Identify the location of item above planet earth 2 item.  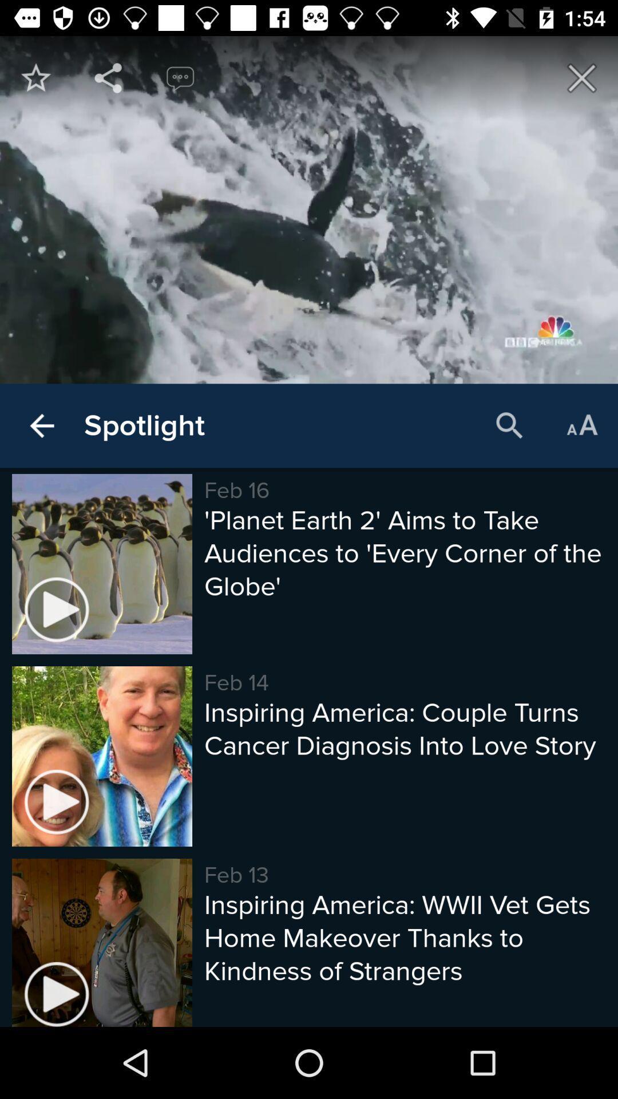
(509, 425).